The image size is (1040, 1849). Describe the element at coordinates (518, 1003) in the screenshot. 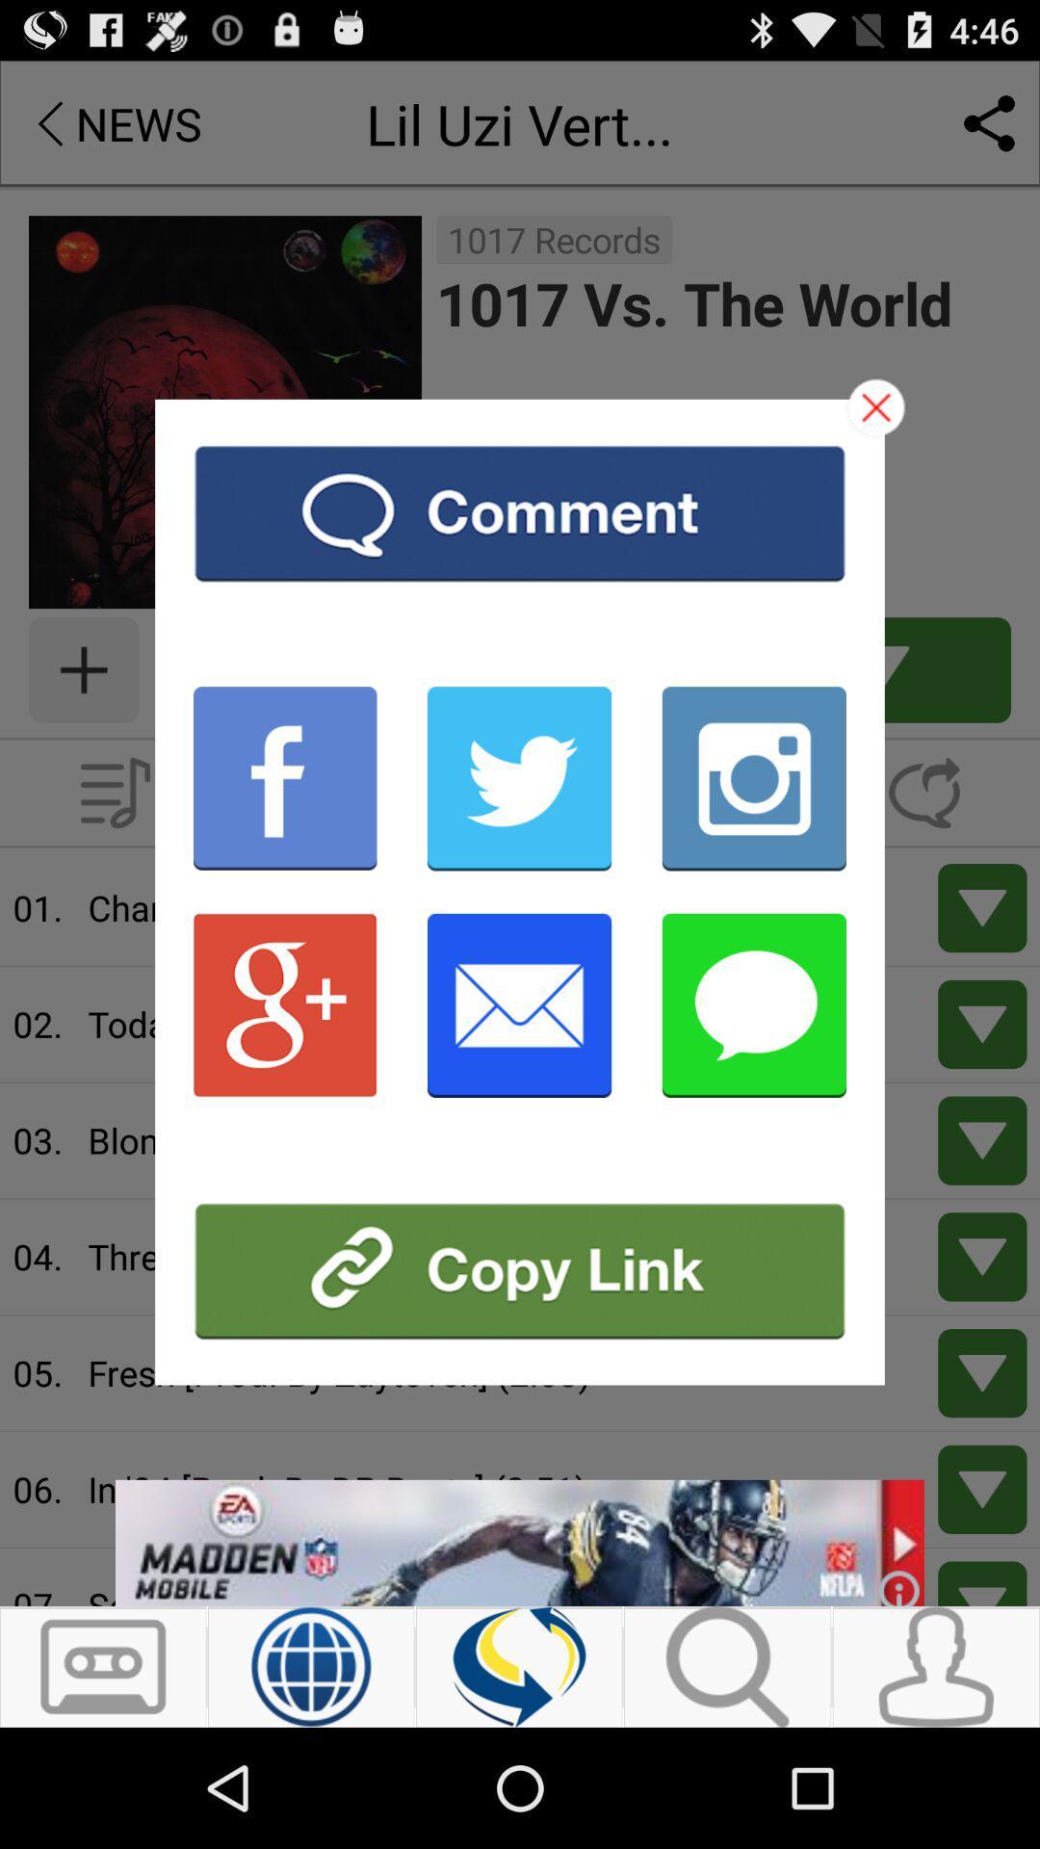

I see `mail` at that location.